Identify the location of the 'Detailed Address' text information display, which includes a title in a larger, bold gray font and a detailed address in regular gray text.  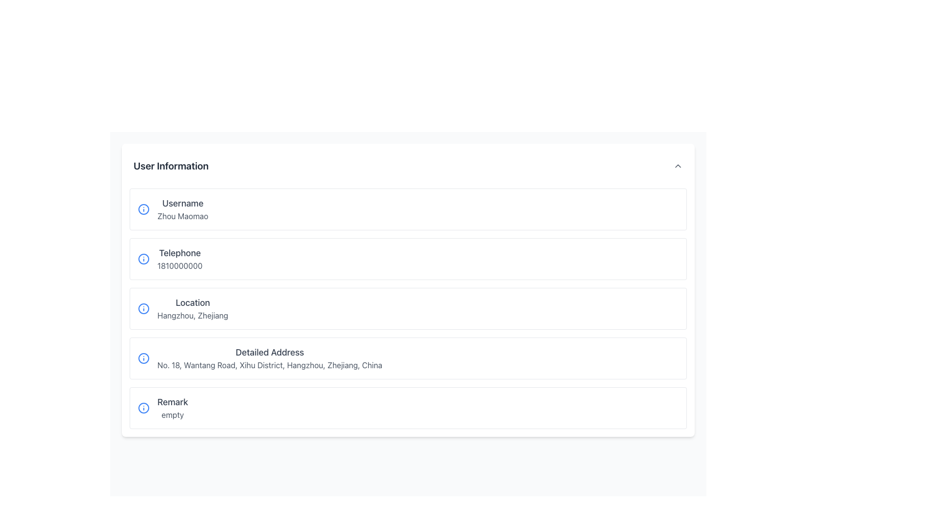
(270, 358).